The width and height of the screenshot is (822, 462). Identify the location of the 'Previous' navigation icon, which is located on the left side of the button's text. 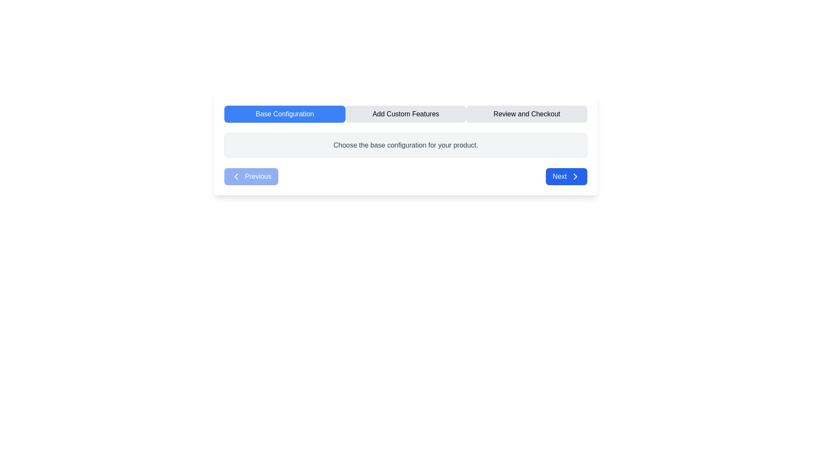
(236, 176).